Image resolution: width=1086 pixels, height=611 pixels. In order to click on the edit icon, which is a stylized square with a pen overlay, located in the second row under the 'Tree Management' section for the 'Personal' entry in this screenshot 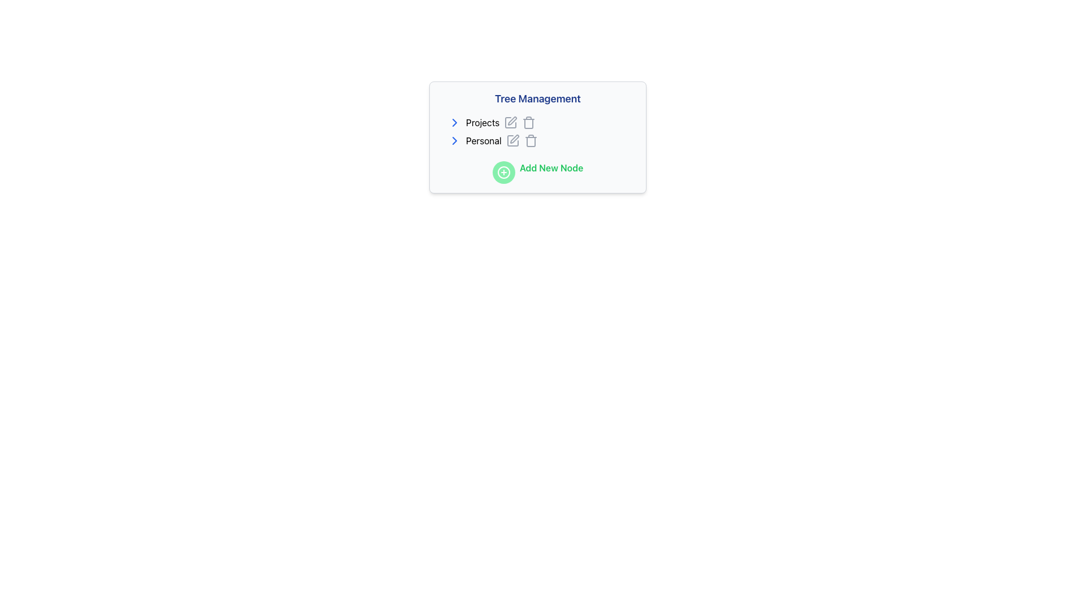, I will do `click(512, 140)`.